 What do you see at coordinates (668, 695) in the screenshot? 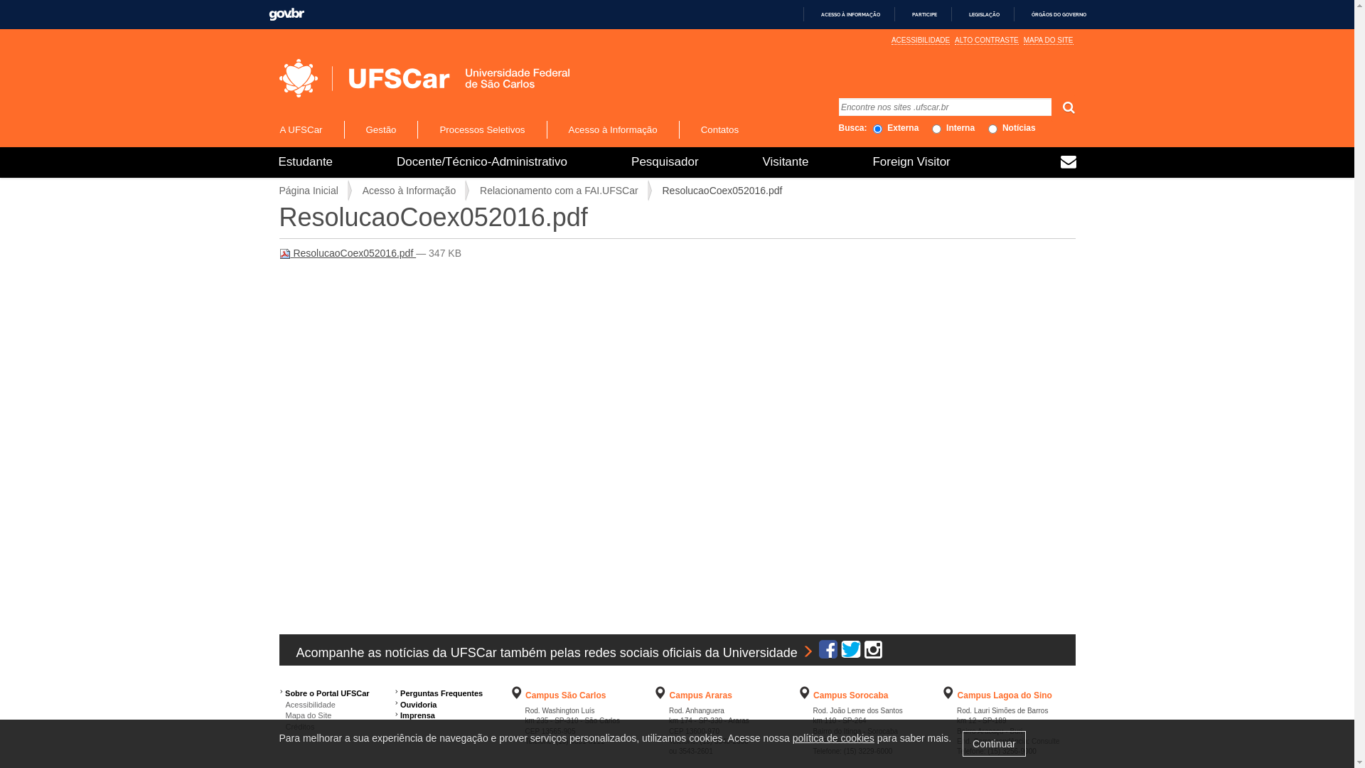
I see `'Campus Araras'` at bounding box center [668, 695].